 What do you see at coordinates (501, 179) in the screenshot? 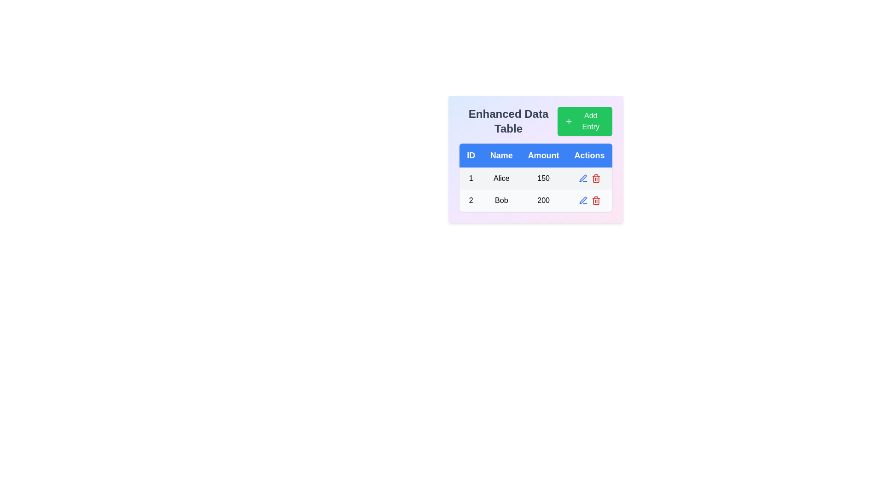
I see `the text label displaying the name in the first row of the table, which is positioned between the ID ('1') and the amount ('150')` at bounding box center [501, 179].